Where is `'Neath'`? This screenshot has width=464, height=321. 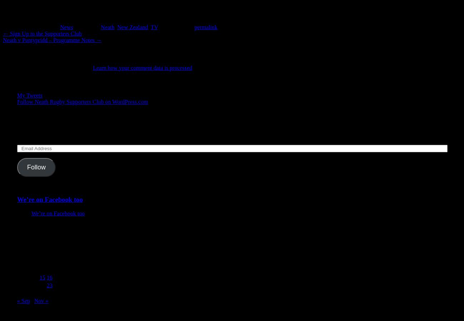
'Neath' is located at coordinates (107, 27).